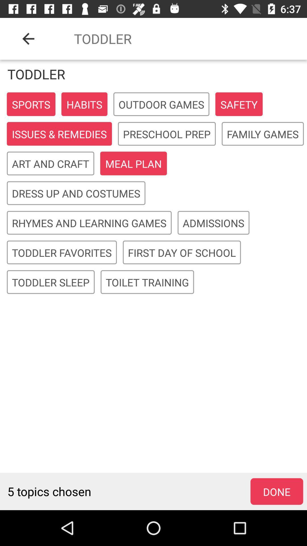  Describe the element at coordinates (277, 491) in the screenshot. I see `the button on the bottom right corner of the web page` at that location.